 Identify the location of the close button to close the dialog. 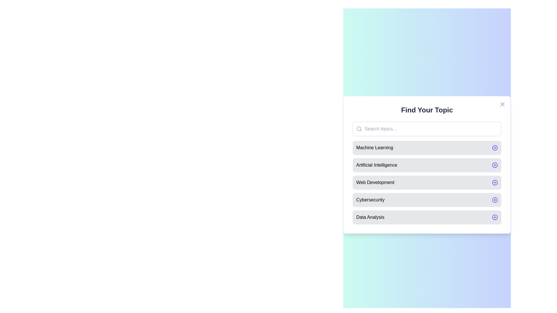
(502, 104).